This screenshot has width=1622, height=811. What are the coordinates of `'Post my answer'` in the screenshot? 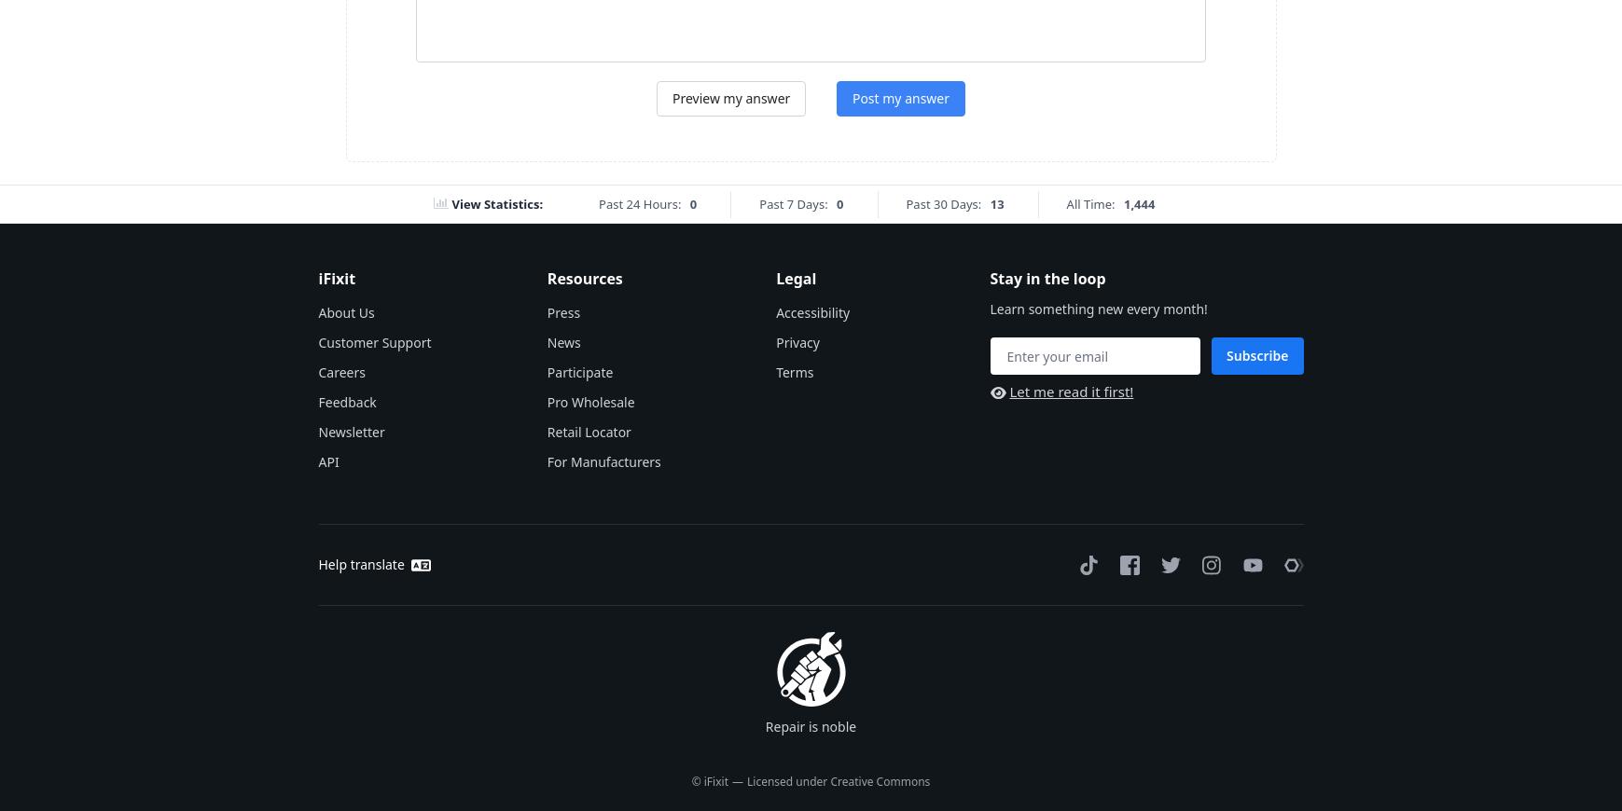 It's located at (900, 97).